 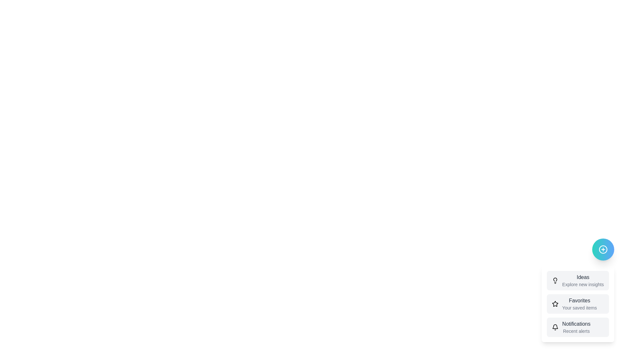 What do you see at coordinates (555, 304) in the screenshot?
I see `the star-shaped icon with a hollow design and distinctive border, located within the Favorites button in the right-side menu` at bounding box center [555, 304].